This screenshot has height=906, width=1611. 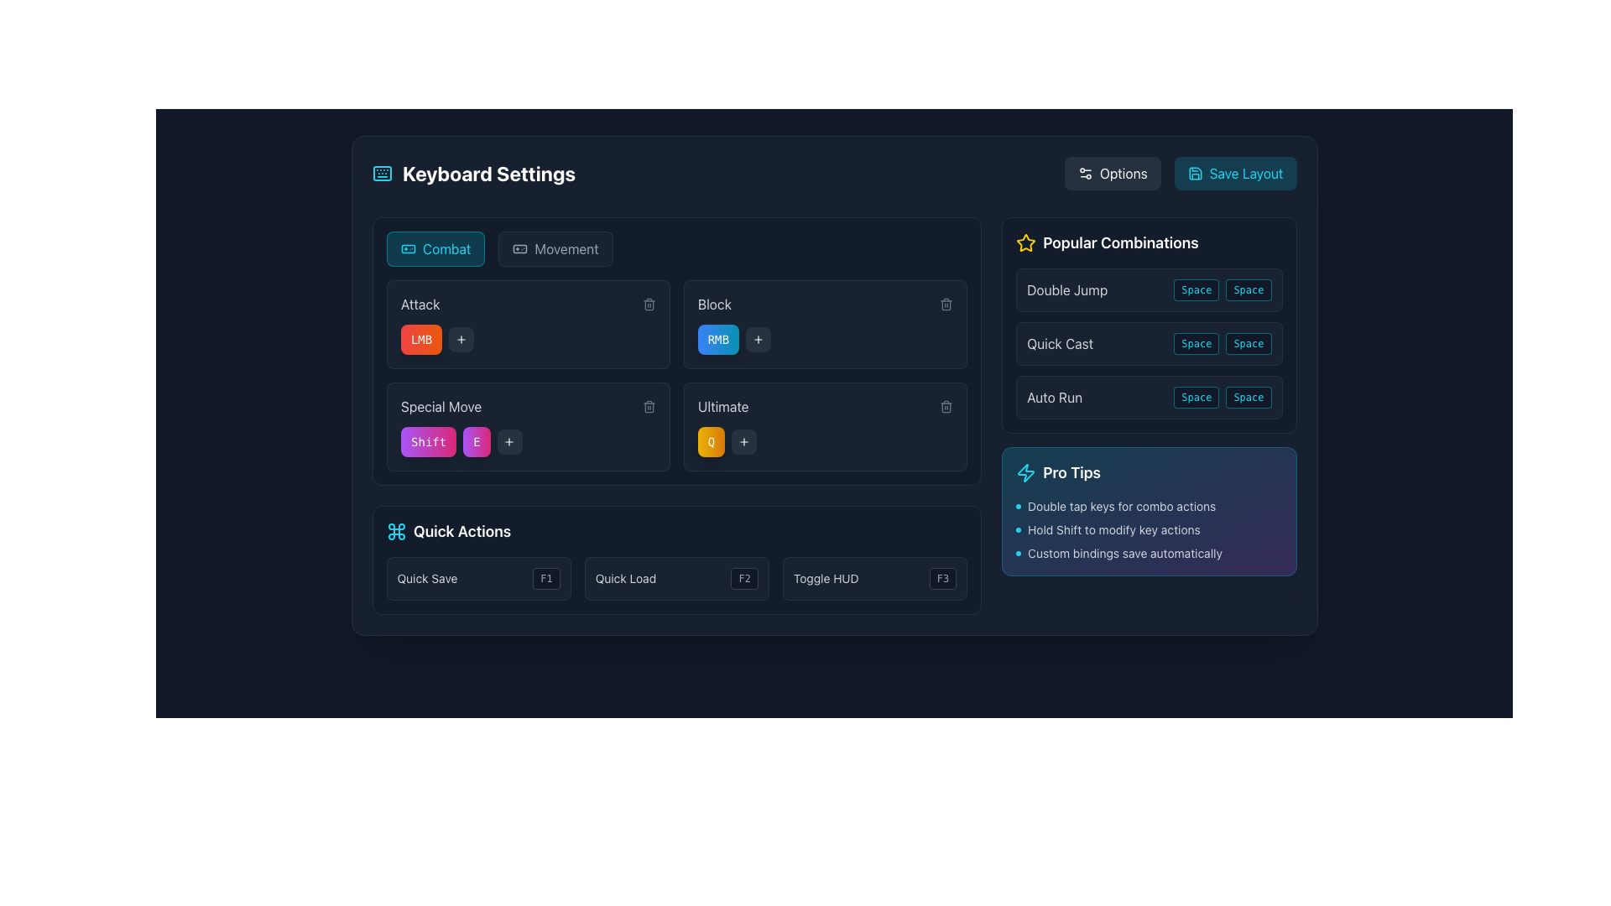 What do you see at coordinates (743, 578) in the screenshot?
I see `the button label displaying the keyboard shortcut 'F2' for the 'Quick Load' action, which is located in the 'Quick Actions' section at the bottom of the main layout panel` at bounding box center [743, 578].